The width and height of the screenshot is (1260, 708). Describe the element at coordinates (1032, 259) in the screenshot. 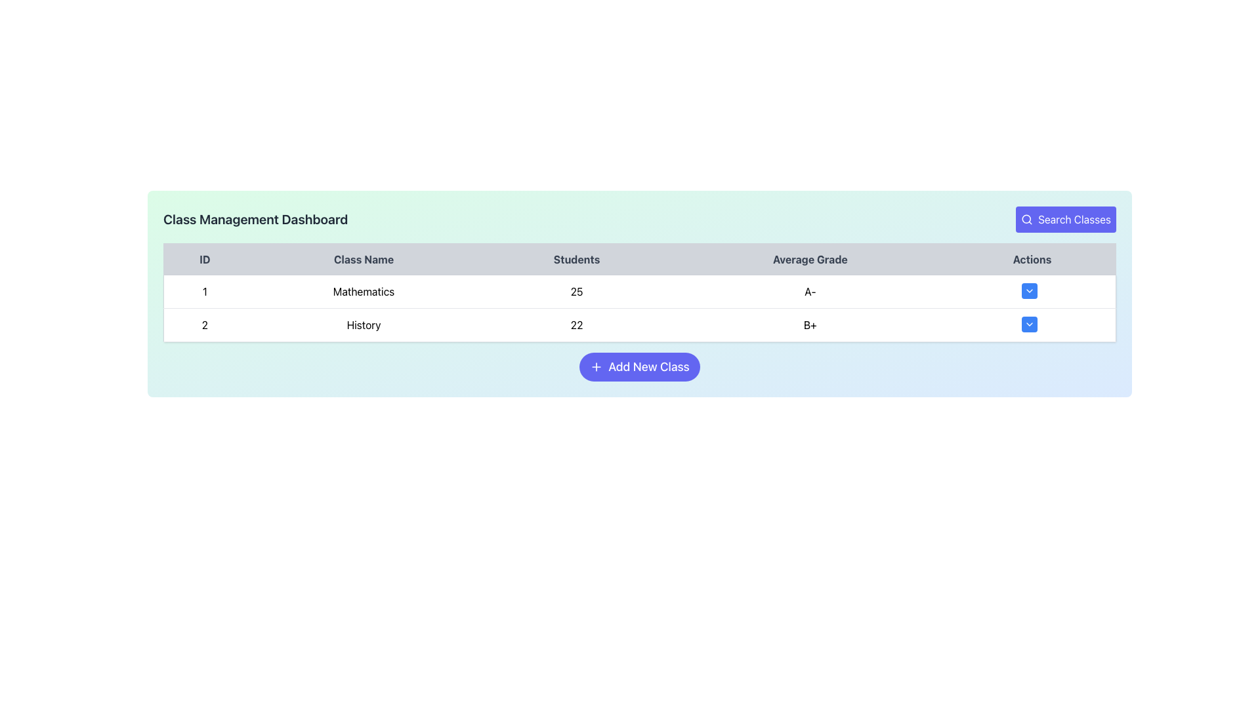

I see `the static text header labeled 'Actions' which is the last element in the header row of the table` at that location.